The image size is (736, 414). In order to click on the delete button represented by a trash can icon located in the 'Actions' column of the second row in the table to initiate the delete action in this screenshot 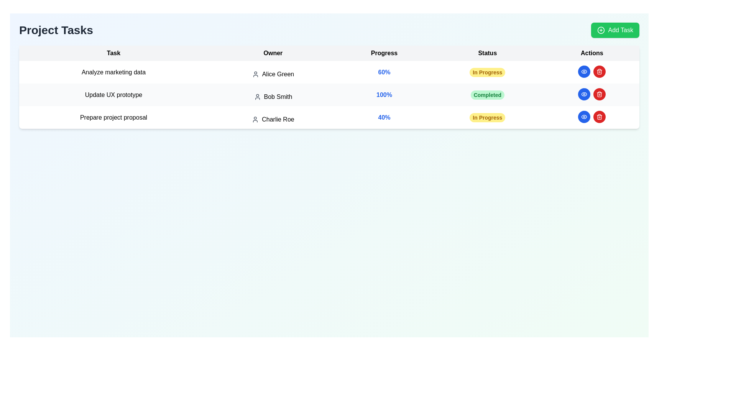, I will do `click(599, 71)`.